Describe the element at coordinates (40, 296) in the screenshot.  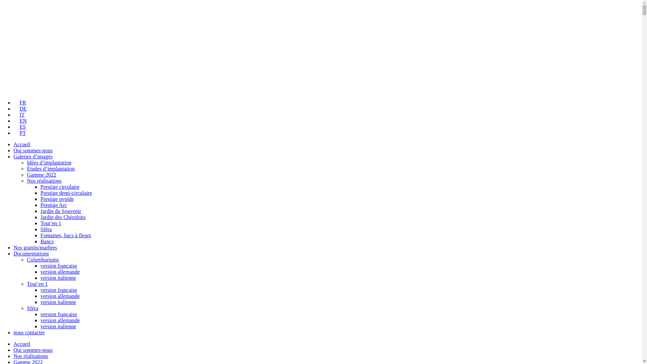
I see `'version allemande'` at that location.